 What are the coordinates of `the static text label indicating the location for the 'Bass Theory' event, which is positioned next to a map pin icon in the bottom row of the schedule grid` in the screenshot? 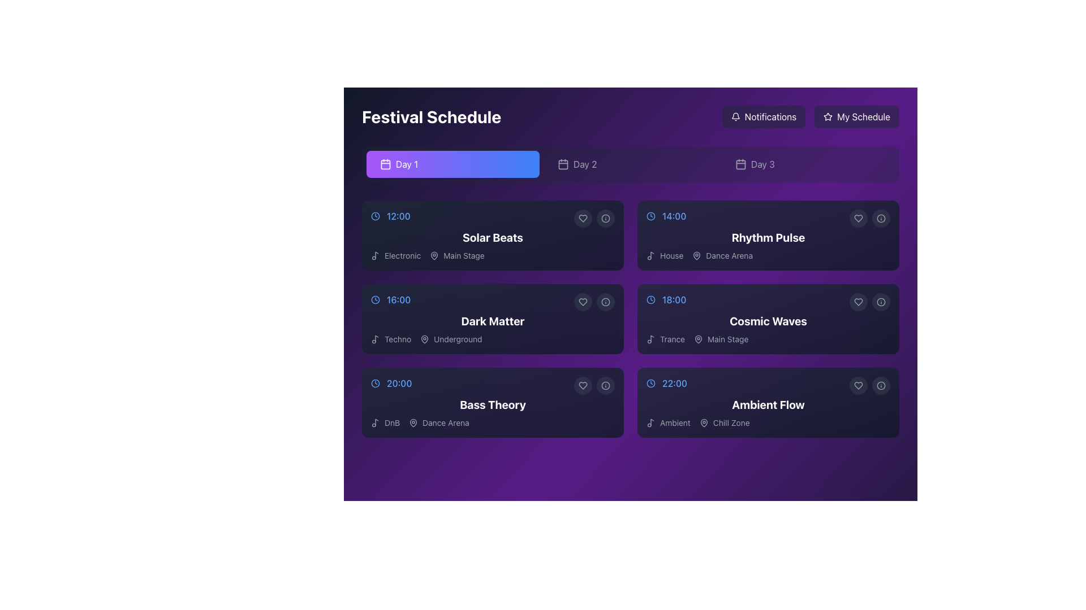 It's located at (445, 422).